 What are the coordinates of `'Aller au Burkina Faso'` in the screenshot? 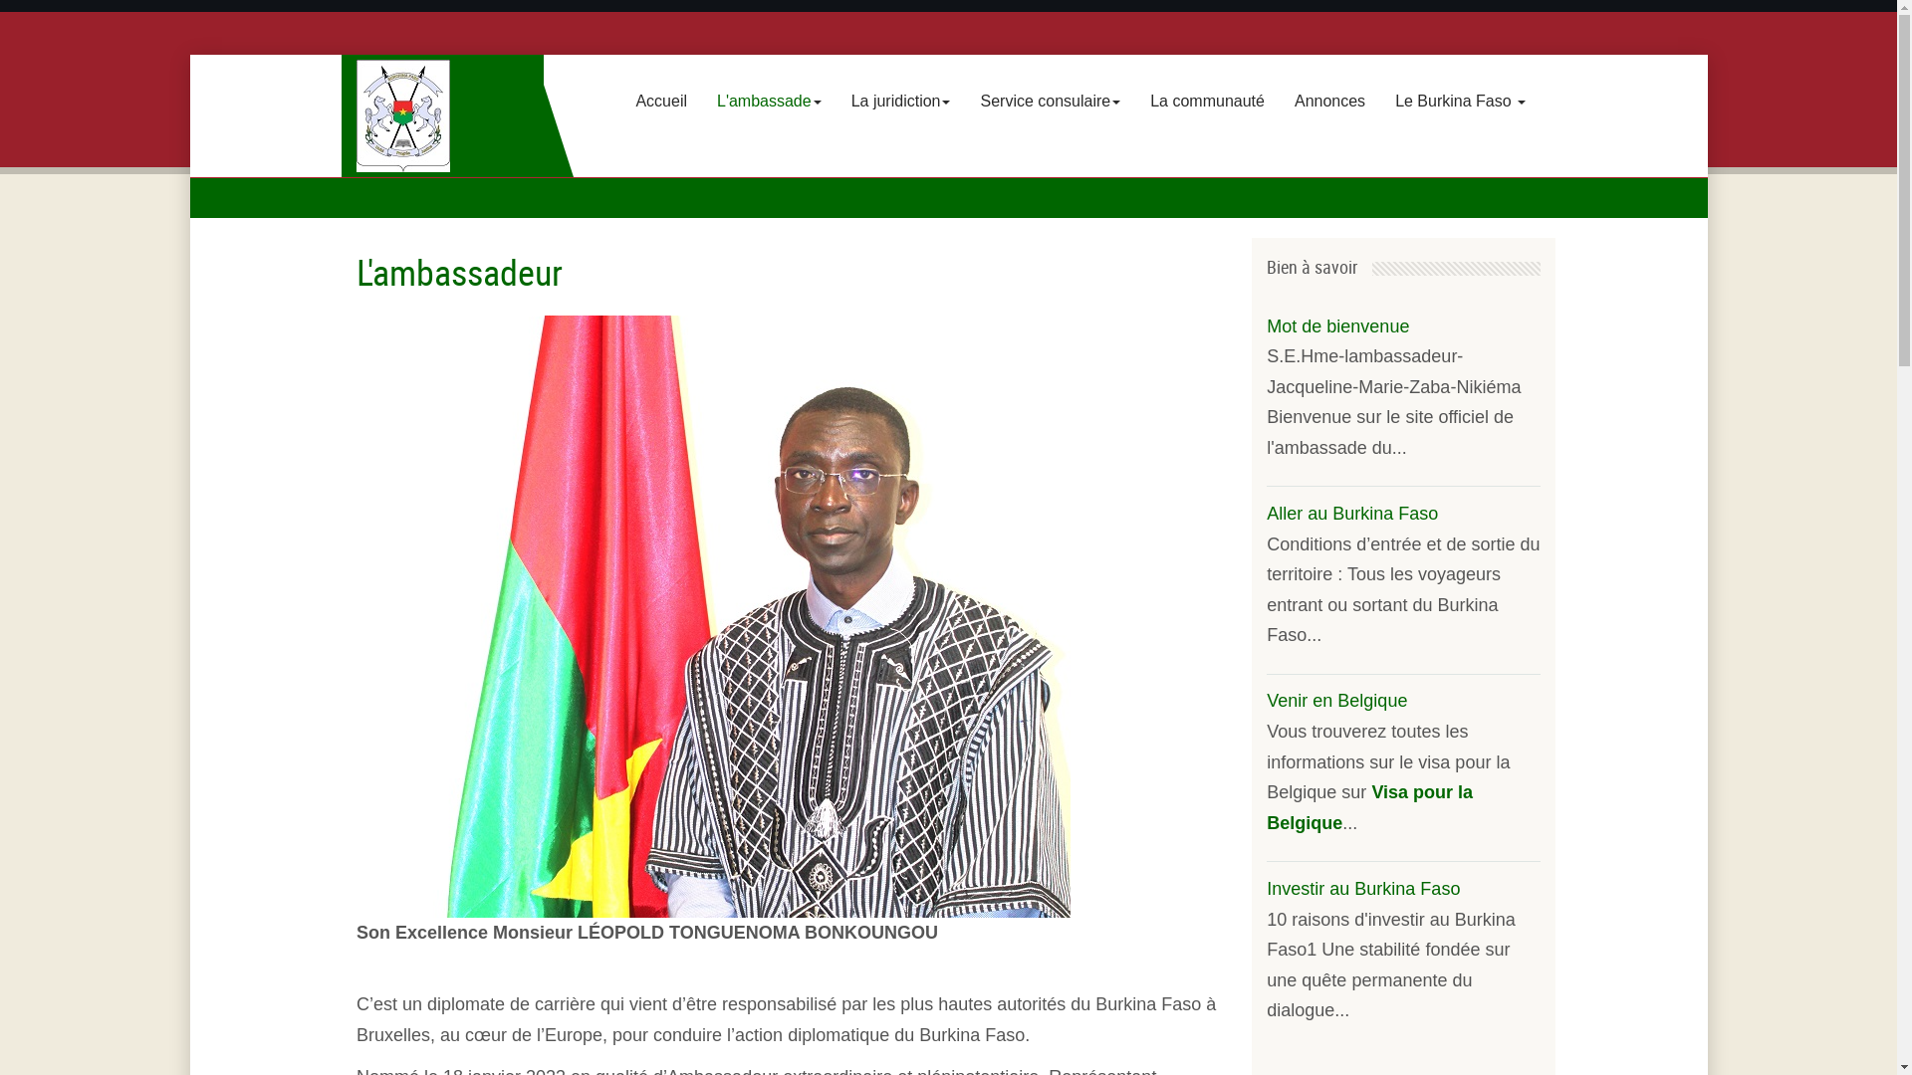 It's located at (1352, 513).